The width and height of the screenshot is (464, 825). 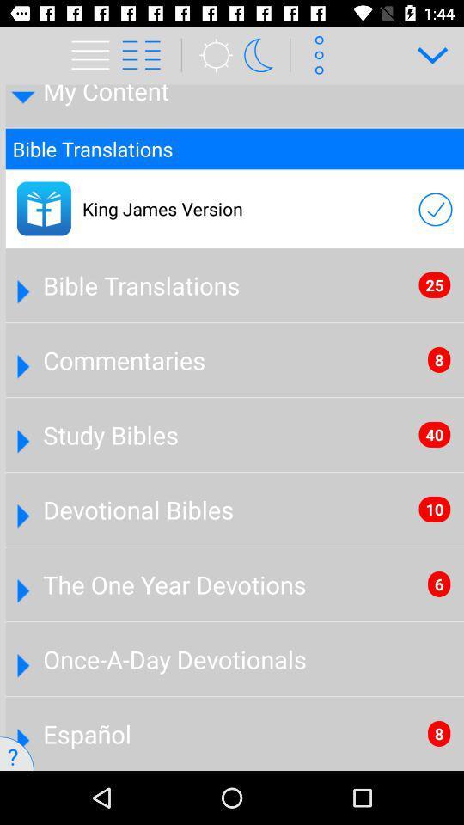 What do you see at coordinates (315, 55) in the screenshot?
I see `the more icon` at bounding box center [315, 55].